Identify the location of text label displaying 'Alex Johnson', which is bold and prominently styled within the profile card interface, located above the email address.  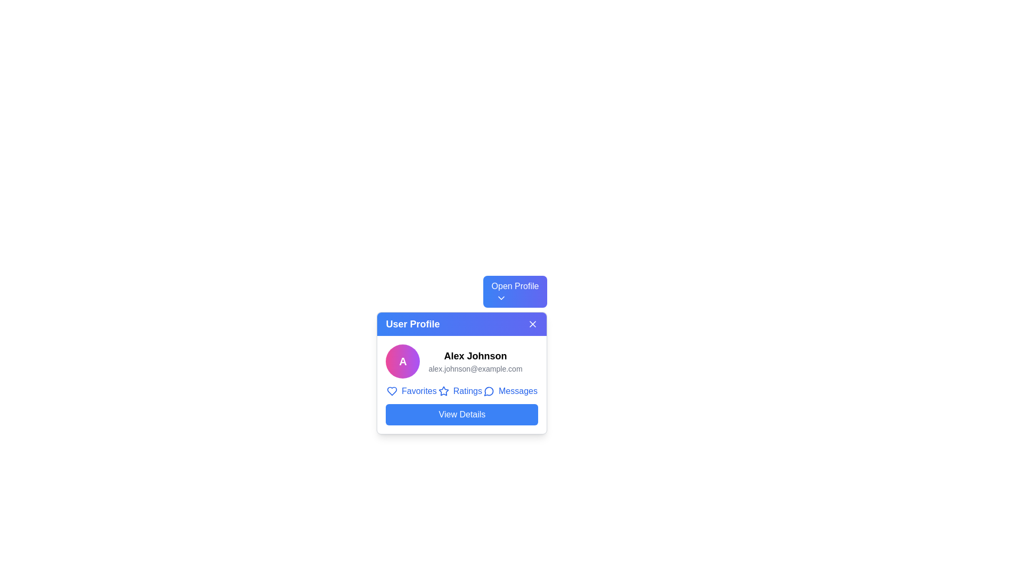
(475, 356).